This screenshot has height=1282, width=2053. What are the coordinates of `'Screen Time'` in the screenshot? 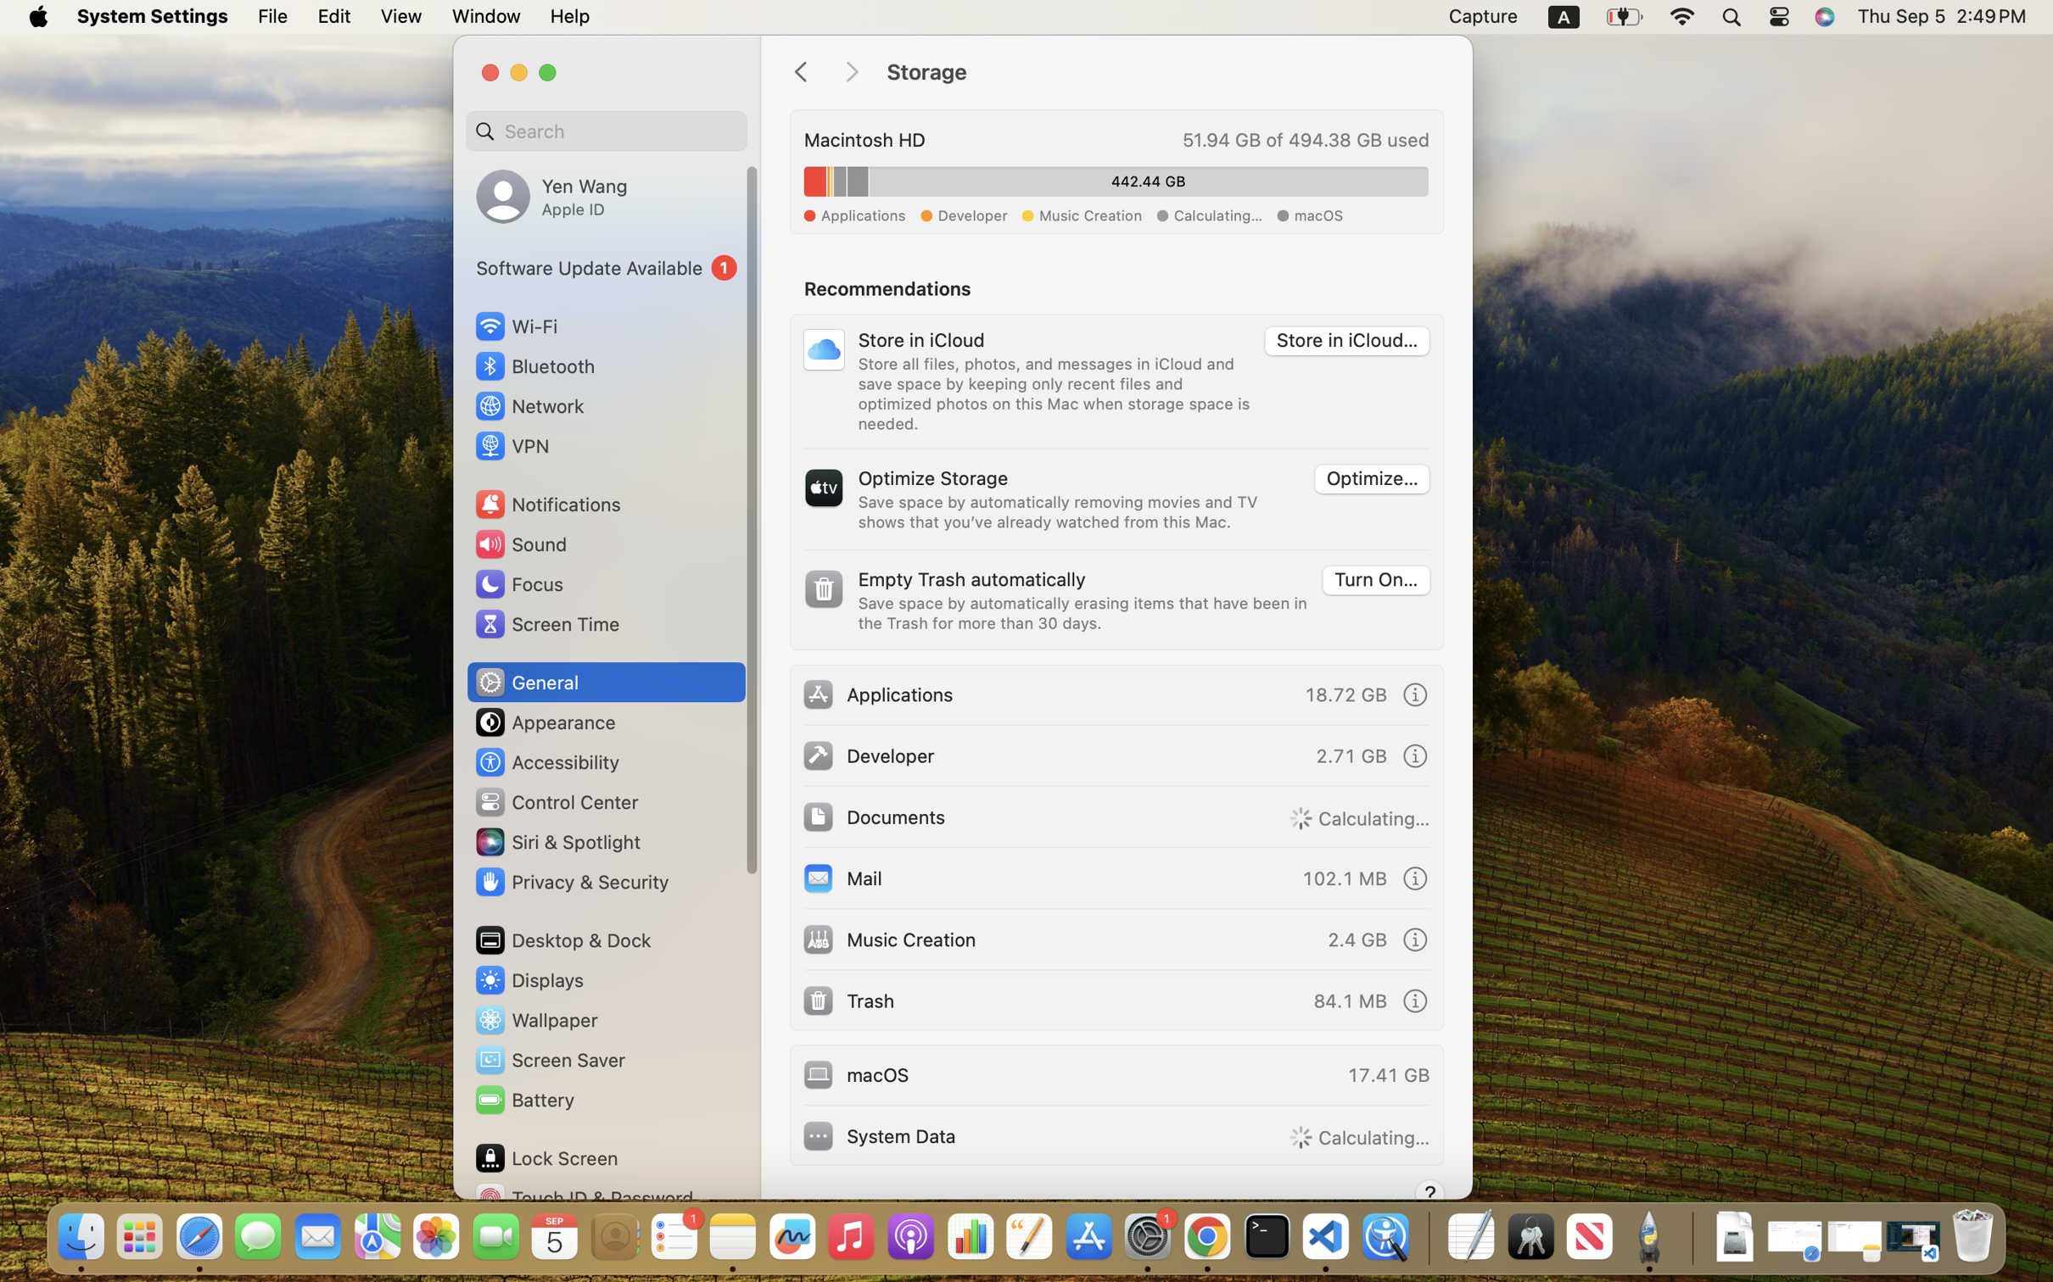 It's located at (546, 623).